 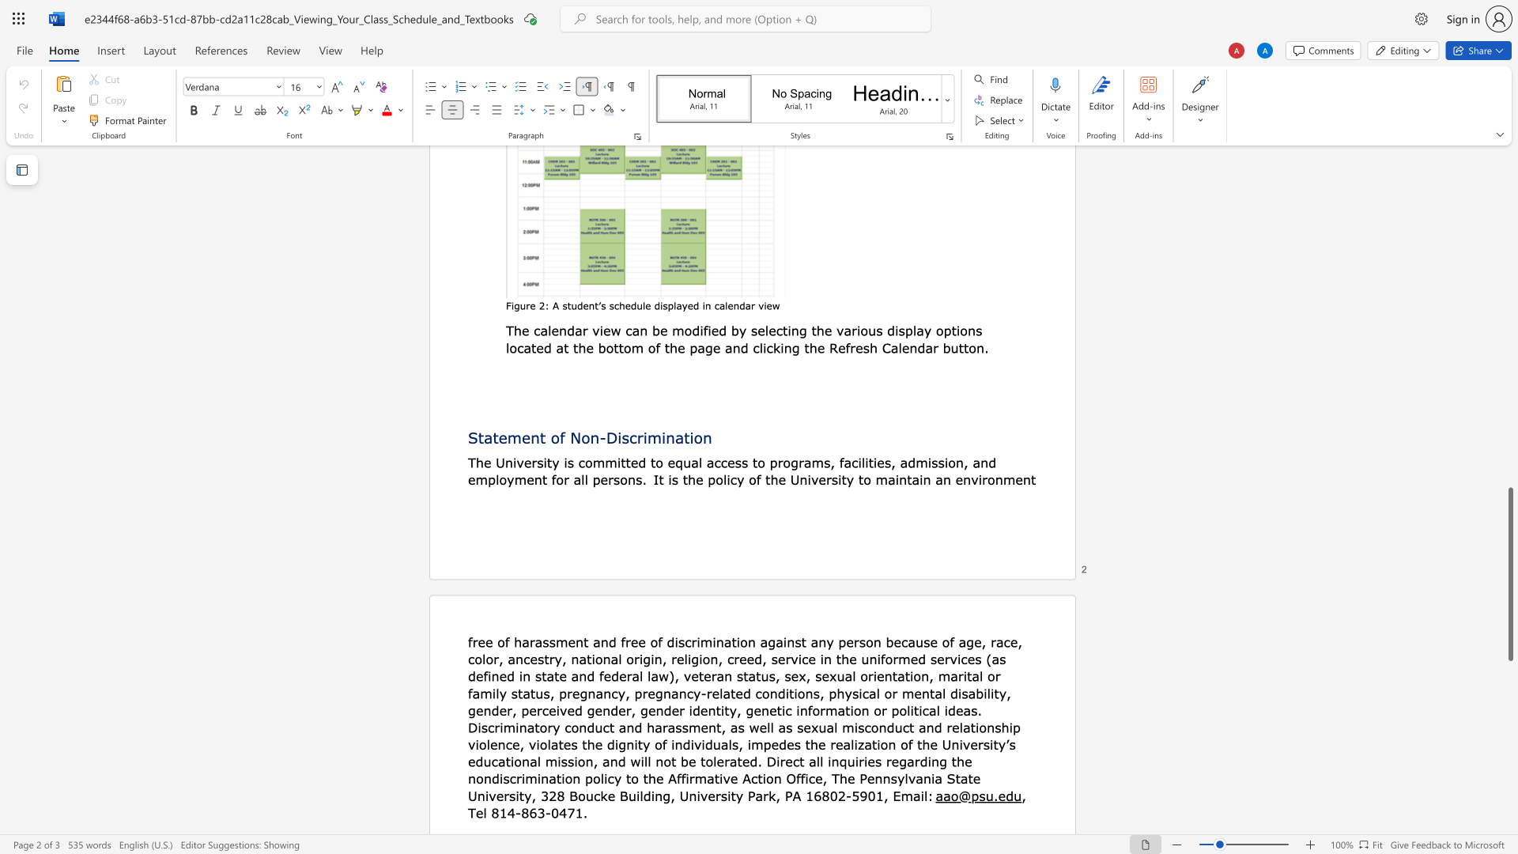 I want to click on the page's right scrollbar for upward movement, so click(x=1509, y=276).